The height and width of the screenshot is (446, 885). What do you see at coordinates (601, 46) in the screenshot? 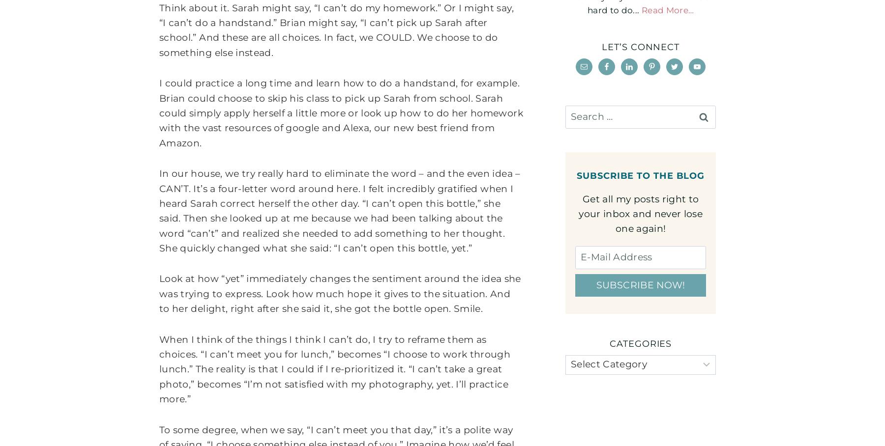
I see `'Let’s connect'` at bounding box center [601, 46].